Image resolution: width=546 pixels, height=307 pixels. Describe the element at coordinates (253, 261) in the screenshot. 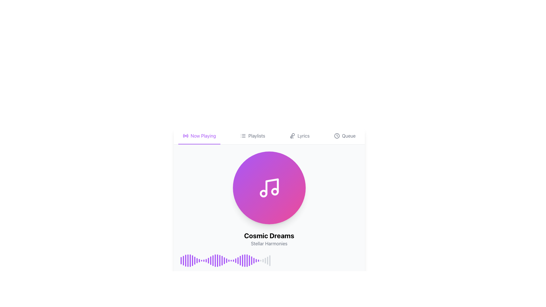

I see `the visual representation of the 25th vertical bar from the left in the waveform, which is styled in vibrant purple and has a rounded top and bottom` at that location.